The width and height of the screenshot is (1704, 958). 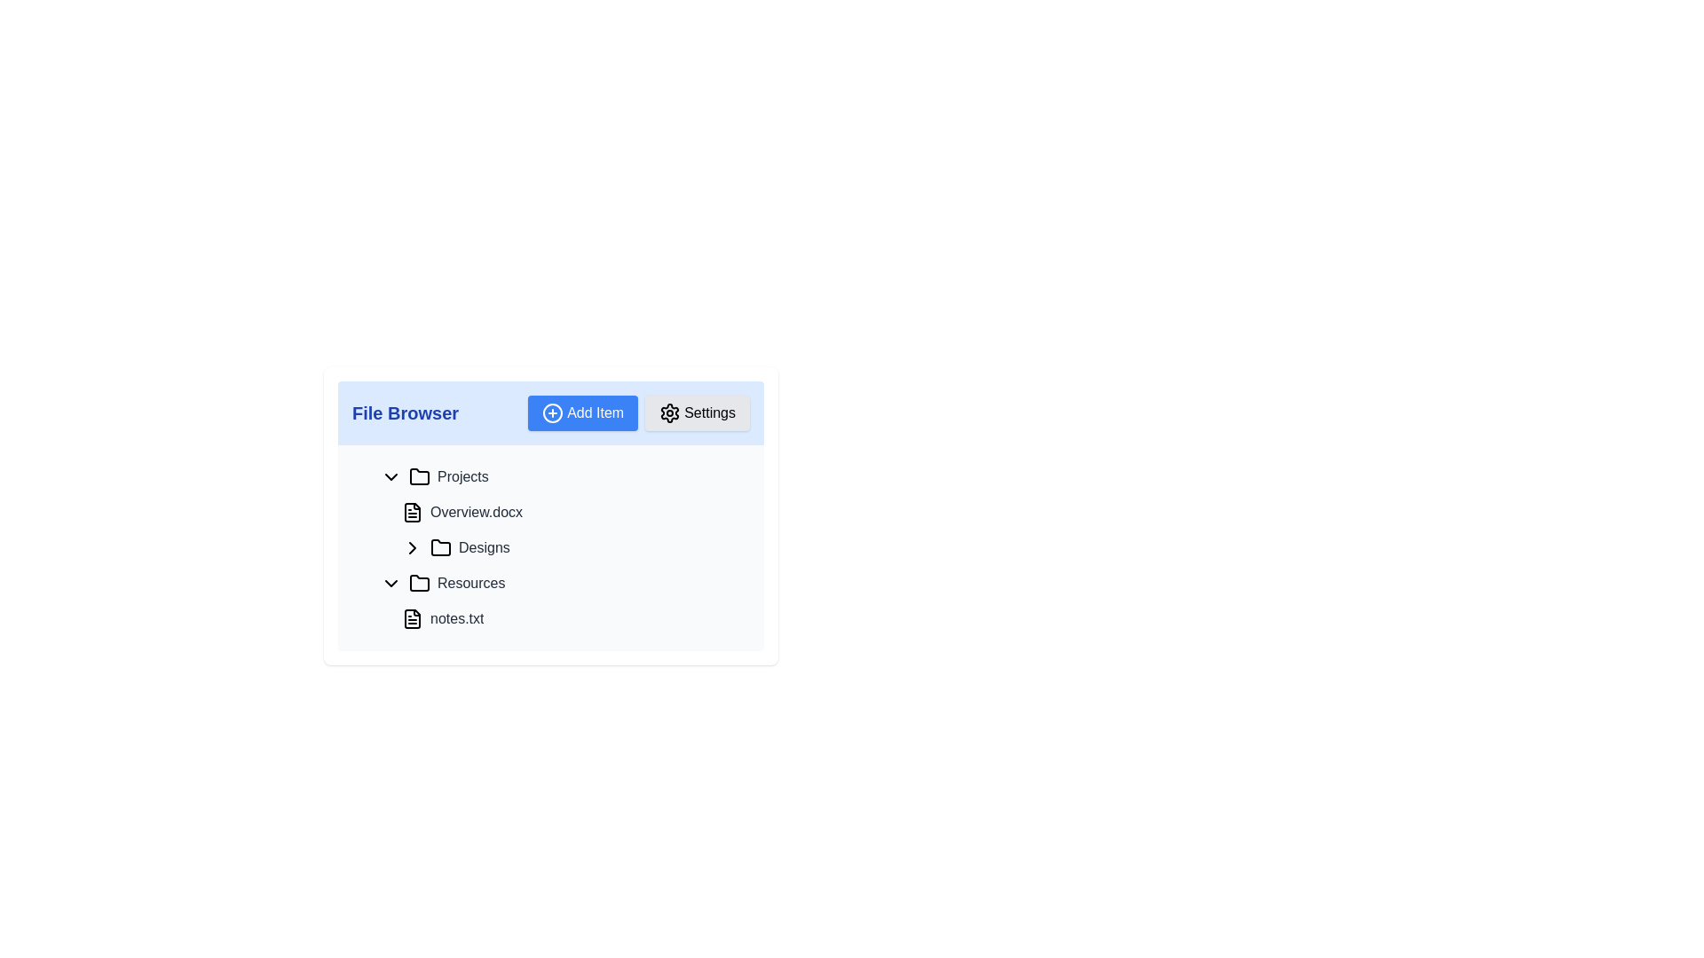 I want to click on the folder item, so click(x=549, y=546).